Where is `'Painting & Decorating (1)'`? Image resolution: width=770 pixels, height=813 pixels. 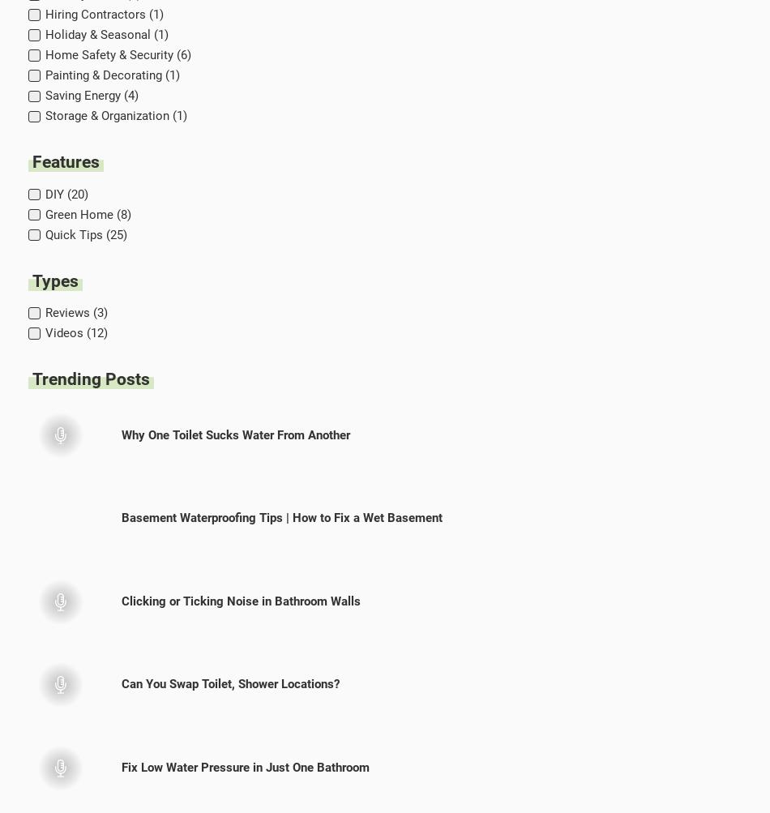 'Painting & Decorating (1)' is located at coordinates (112, 75).